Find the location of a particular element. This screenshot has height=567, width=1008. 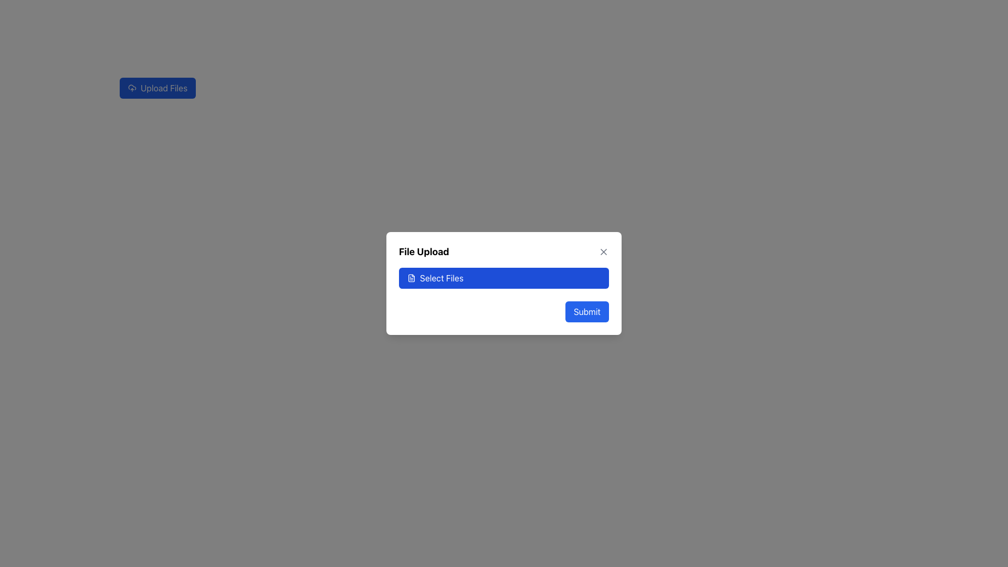

the title text of the modal that indicates the purpose of the dialog, which relates to file uploading is located at coordinates (424, 251).